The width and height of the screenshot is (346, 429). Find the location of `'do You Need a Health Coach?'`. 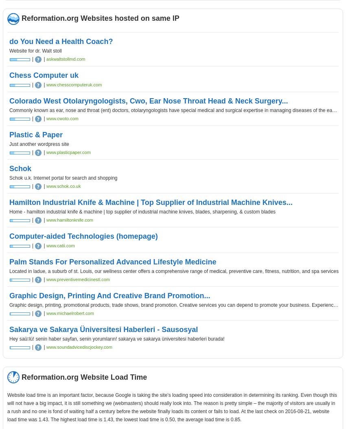

'do You Need a Health Coach?' is located at coordinates (9, 42).